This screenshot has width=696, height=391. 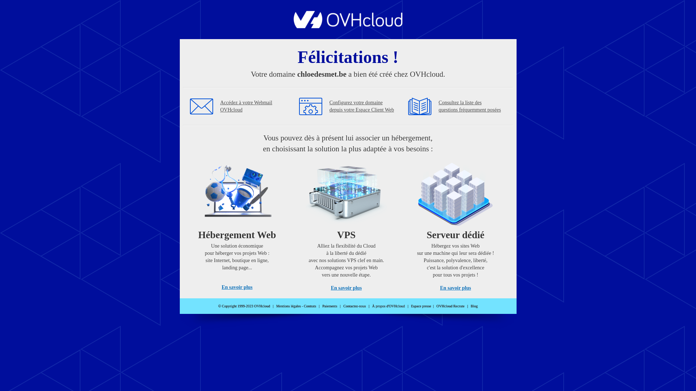 What do you see at coordinates (421, 306) in the screenshot?
I see `'Espace presse'` at bounding box center [421, 306].